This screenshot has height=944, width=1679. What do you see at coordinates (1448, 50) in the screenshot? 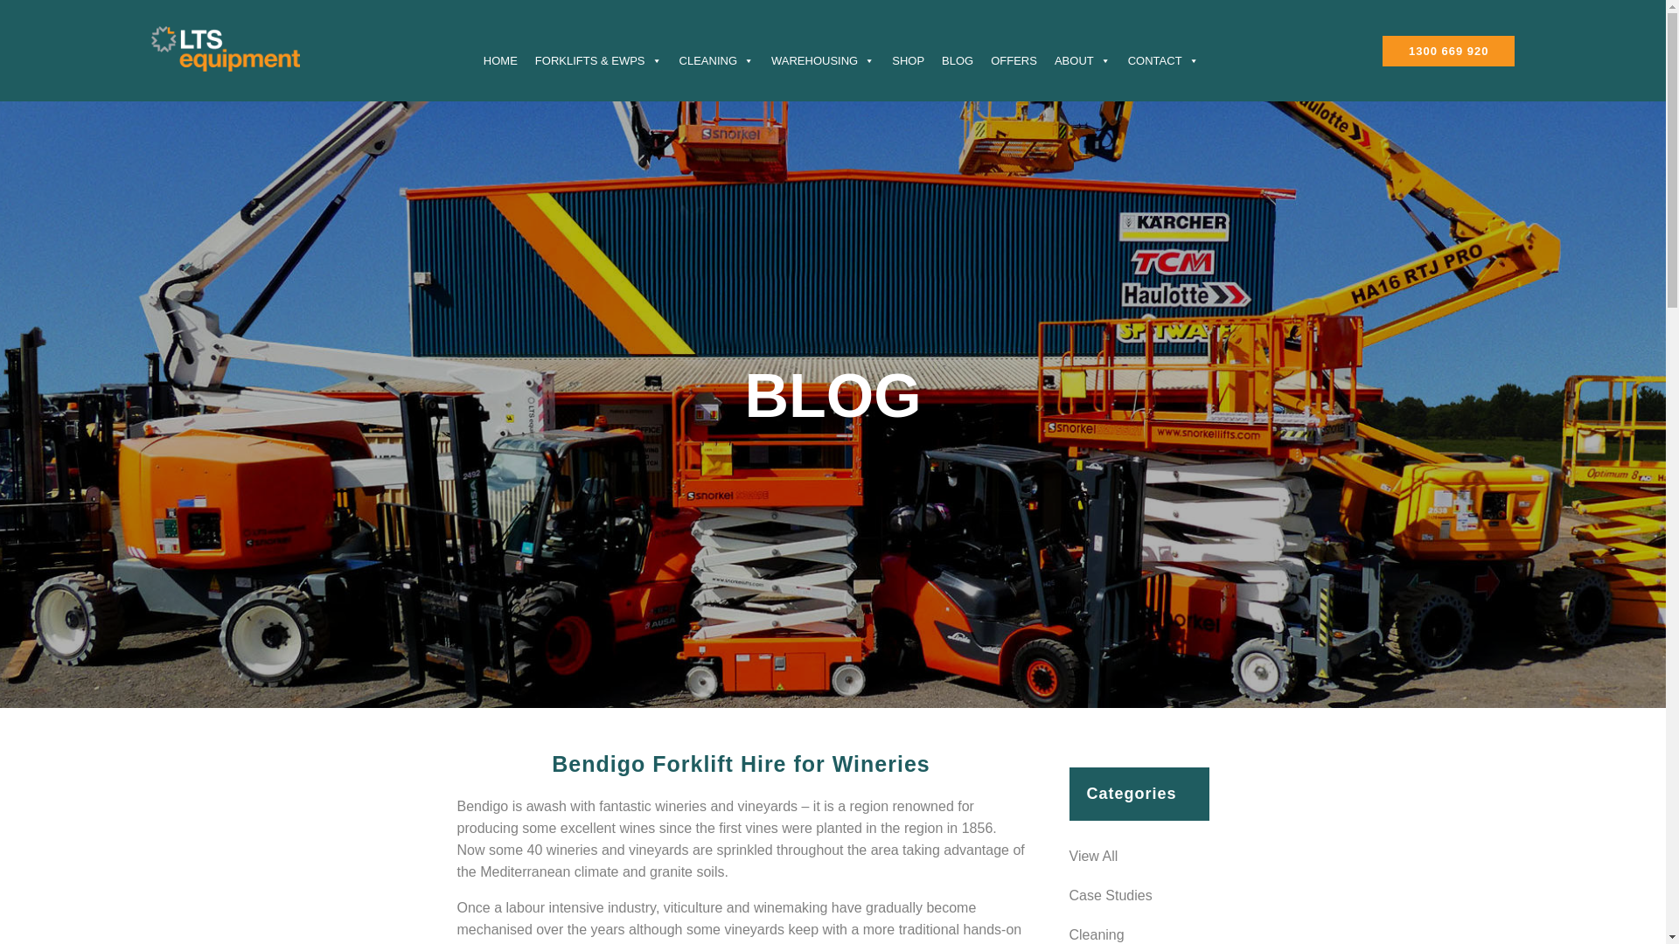
I see `'1300 669 920'` at bounding box center [1448, 50].